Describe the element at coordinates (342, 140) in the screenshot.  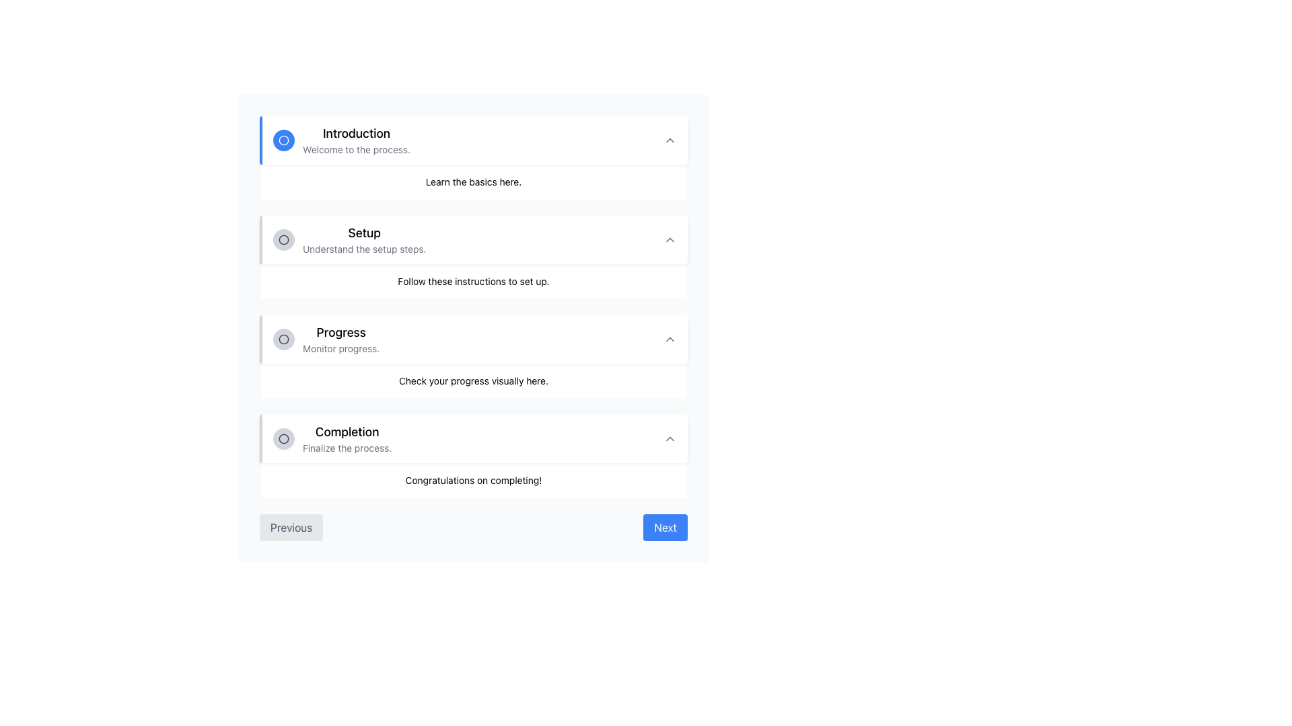
I see `the 'Introduction' text element with an icon, which is the first item in the list above 'Setup' and below the top margin, characterized by a white background, rounded corners, and a blue left border` at that location.